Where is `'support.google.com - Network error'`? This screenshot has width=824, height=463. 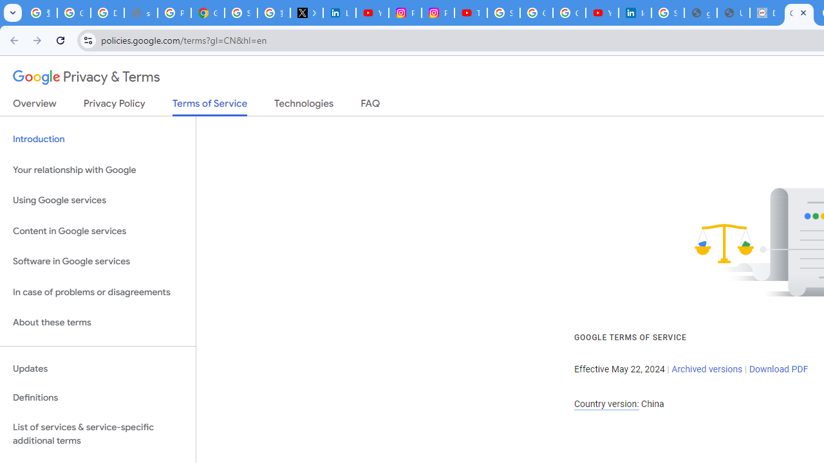
'support.google.com - Network error' is located at coordinates (140, 13).